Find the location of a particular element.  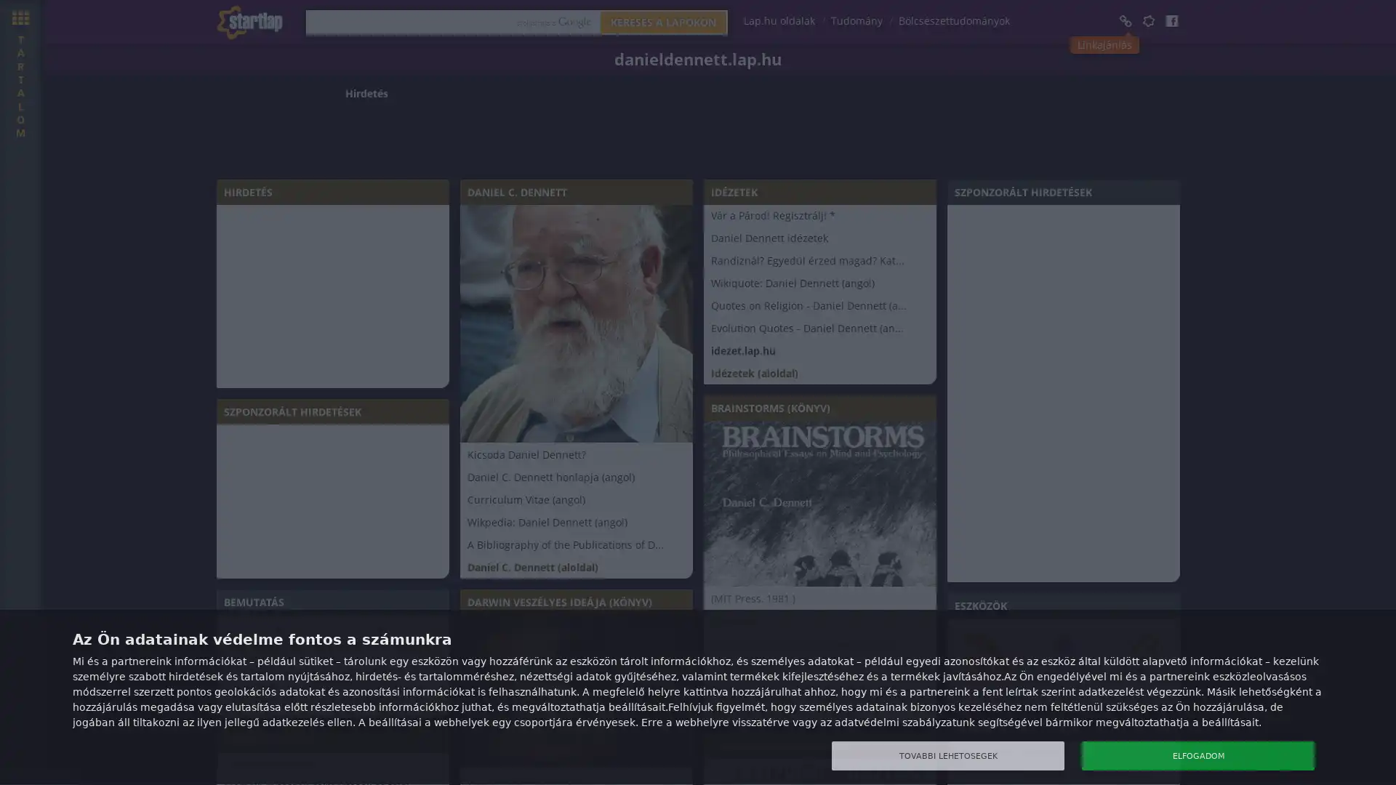

TOVABBI LEHETOSEGEK is located at coordinates (948, 755).